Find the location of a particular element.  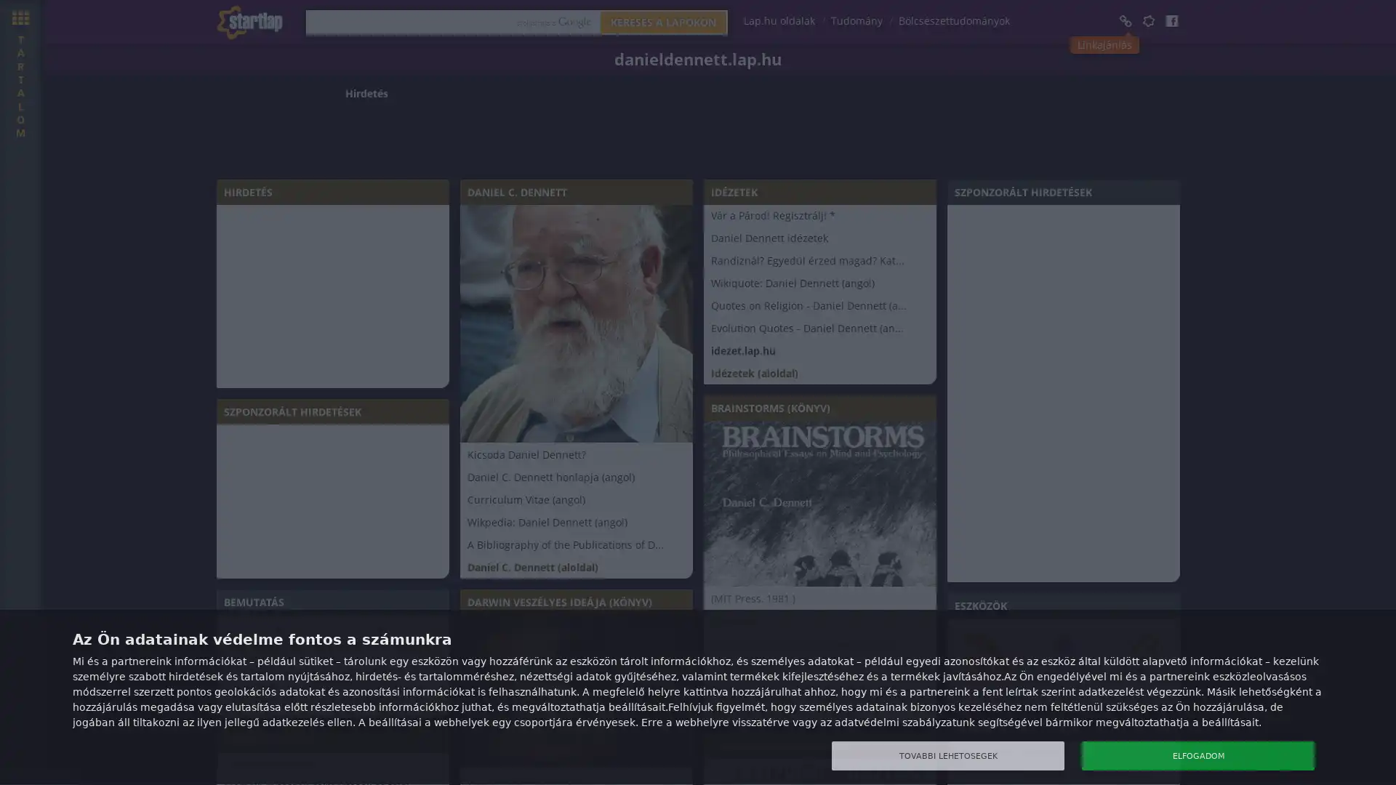

TOVABBI LEHETOSEGEK is located at coordinates (948, 755).